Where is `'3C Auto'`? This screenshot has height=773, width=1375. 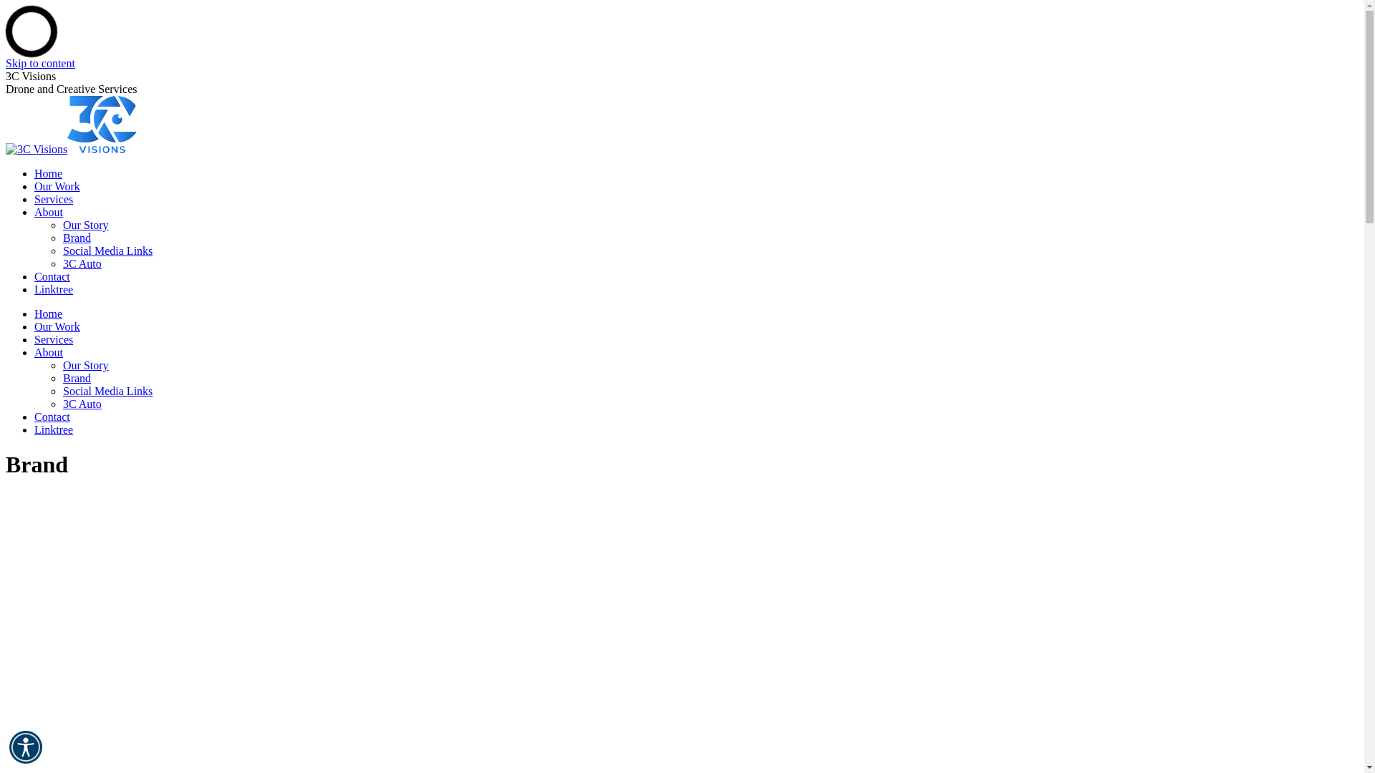 '3C Auto' is located at coordinates (62, 263).